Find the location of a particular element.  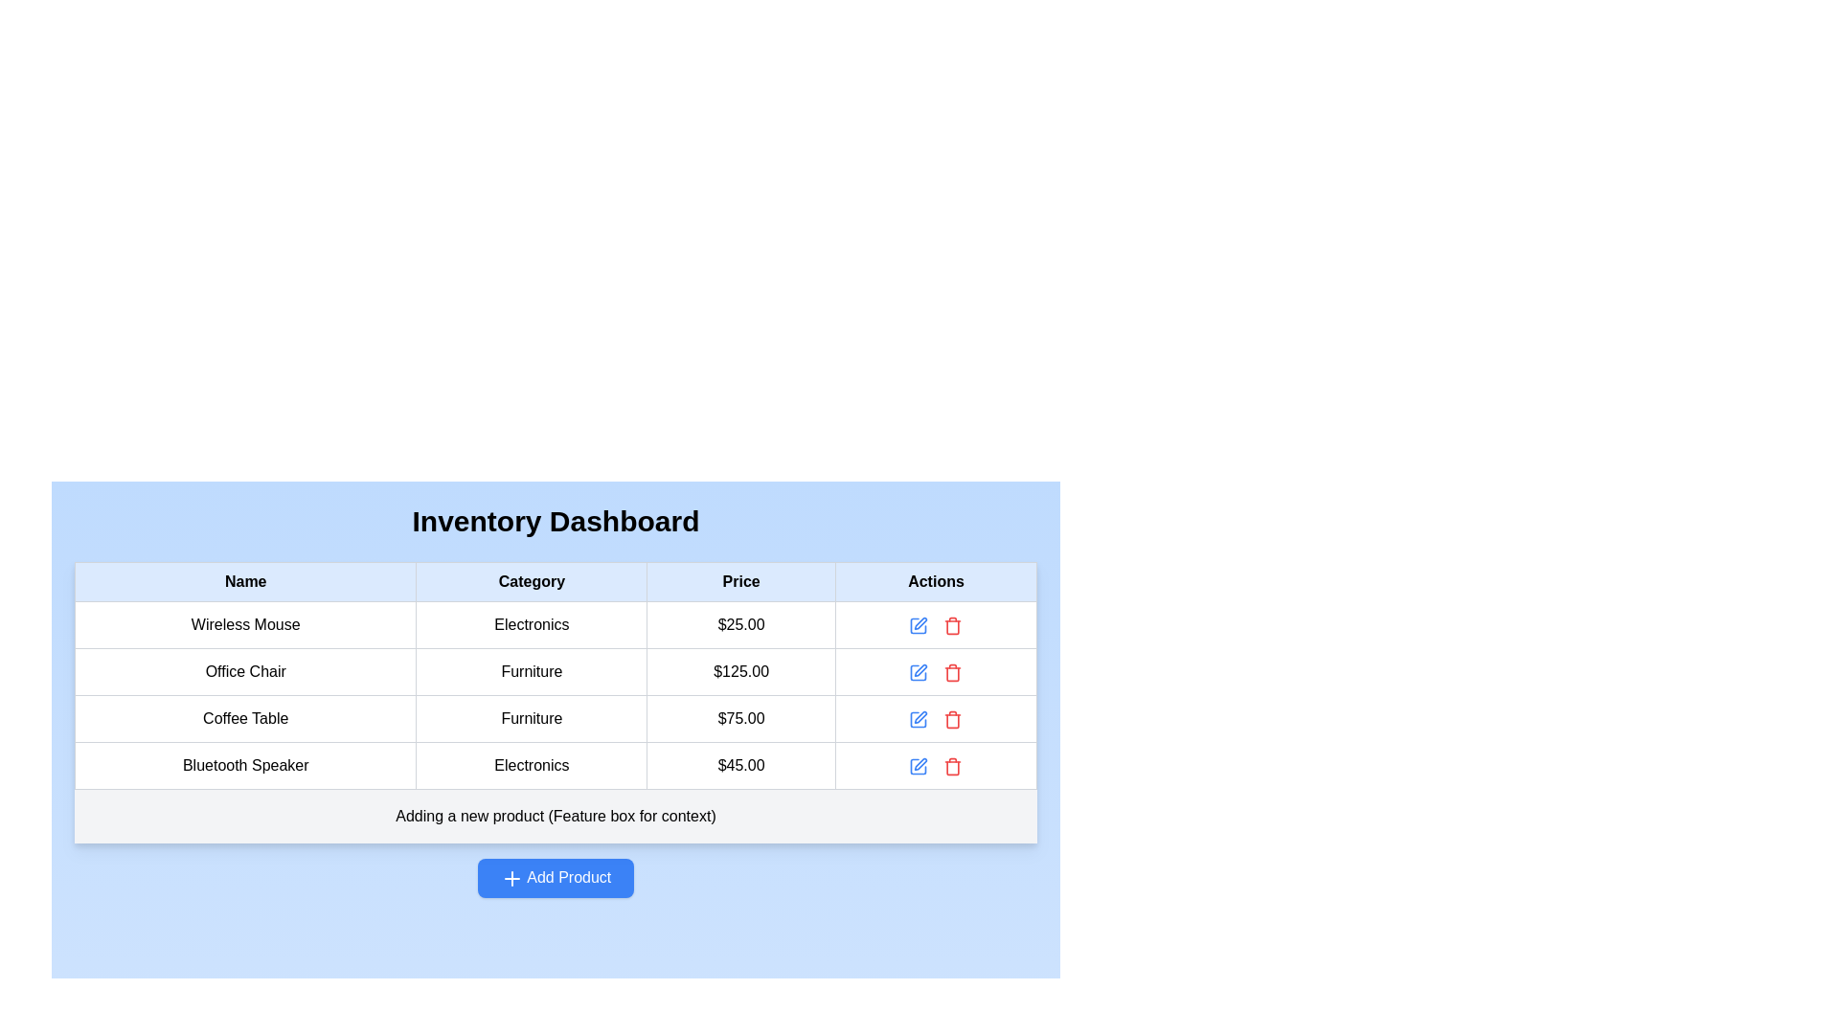

the blue edit icon styled as a pen located in the 'Actions' column of the third row in the table to initiate editing is located at coordinates (918, 719).